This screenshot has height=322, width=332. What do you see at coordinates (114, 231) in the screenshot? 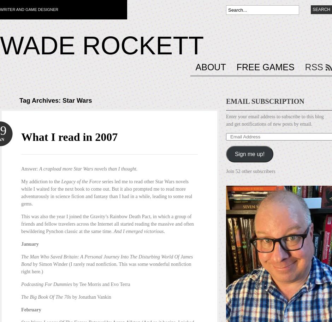
I see `'And I emerged victorious'` at bounding box center [114, 231].